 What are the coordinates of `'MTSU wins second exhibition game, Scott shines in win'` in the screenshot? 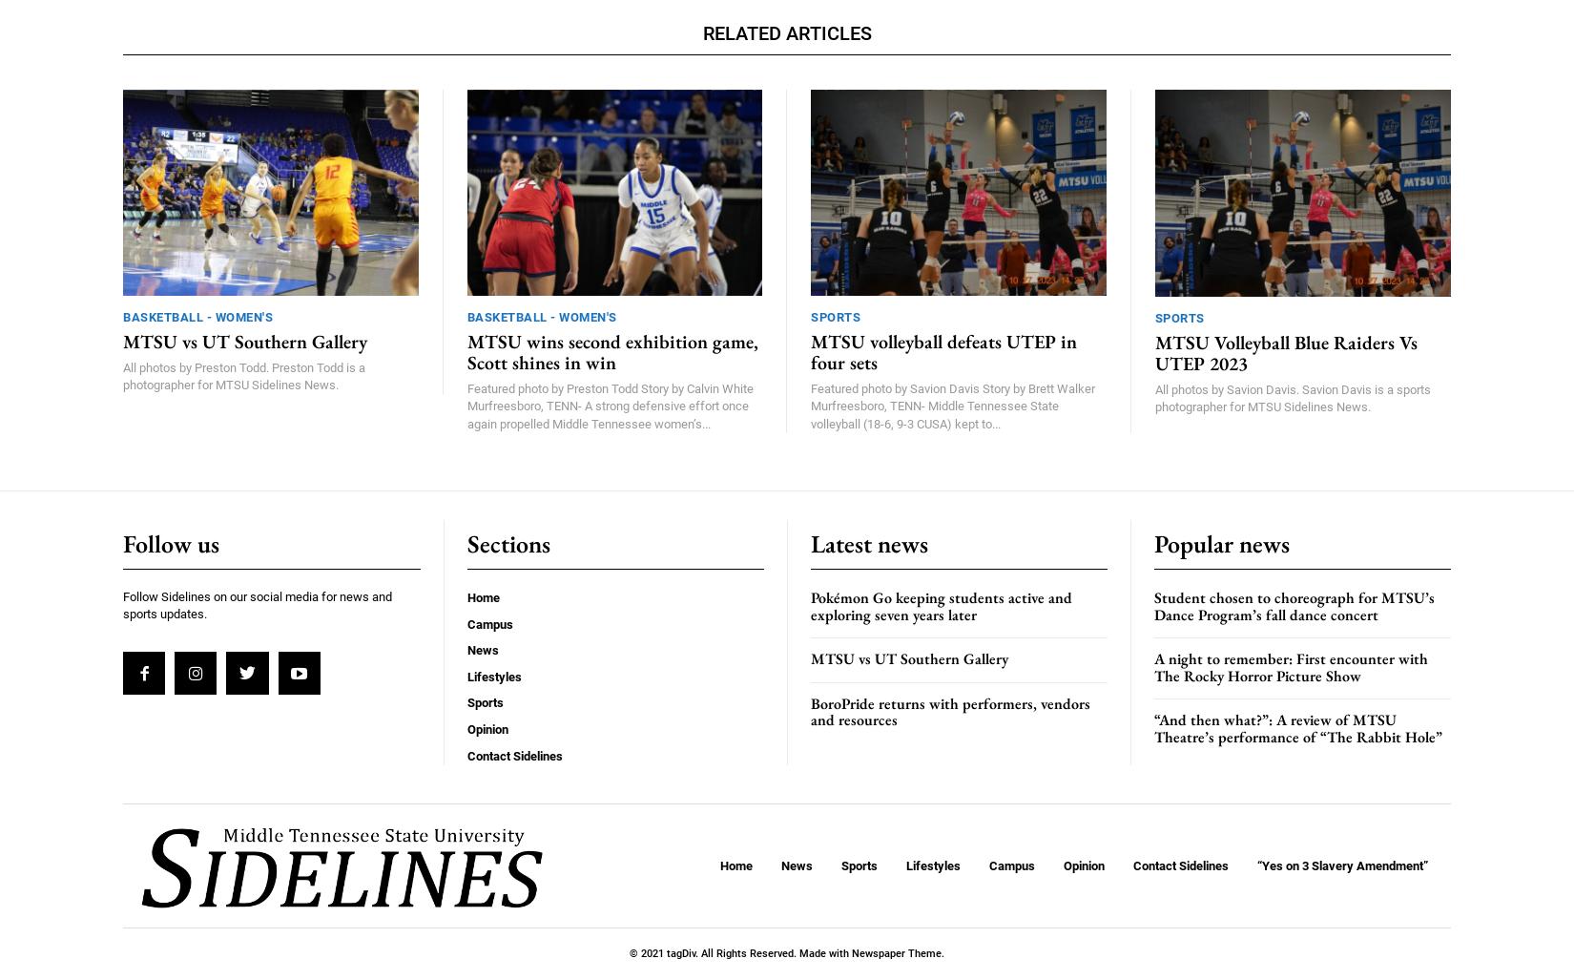 It's located at (611, 352).